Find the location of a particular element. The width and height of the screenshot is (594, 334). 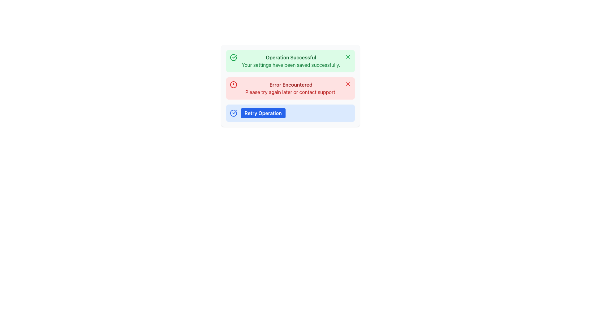

the close button located at the far-right edge of the red error message panel for dismissing the error notification is located at coordinates (348, 84).